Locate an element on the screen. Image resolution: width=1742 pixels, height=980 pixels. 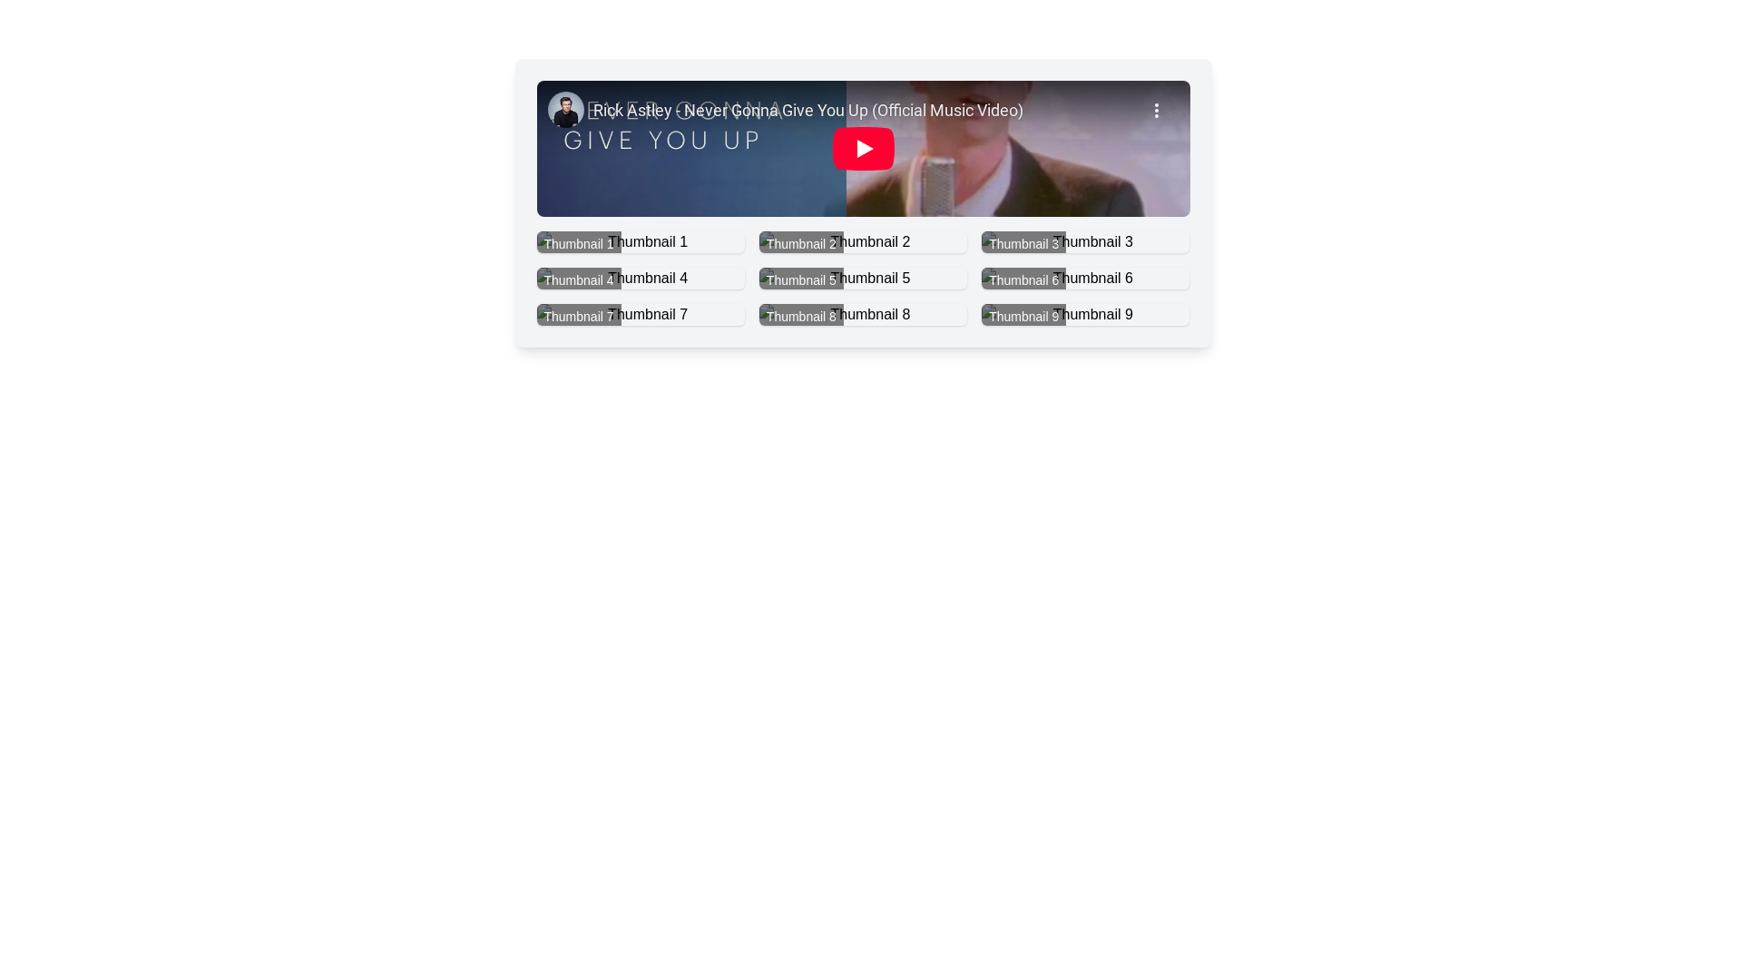
the selectable thumbnail located in the second row and third column of the grid layout, which displays a preview or links to detailed content is located at coordinates (1085, 279).